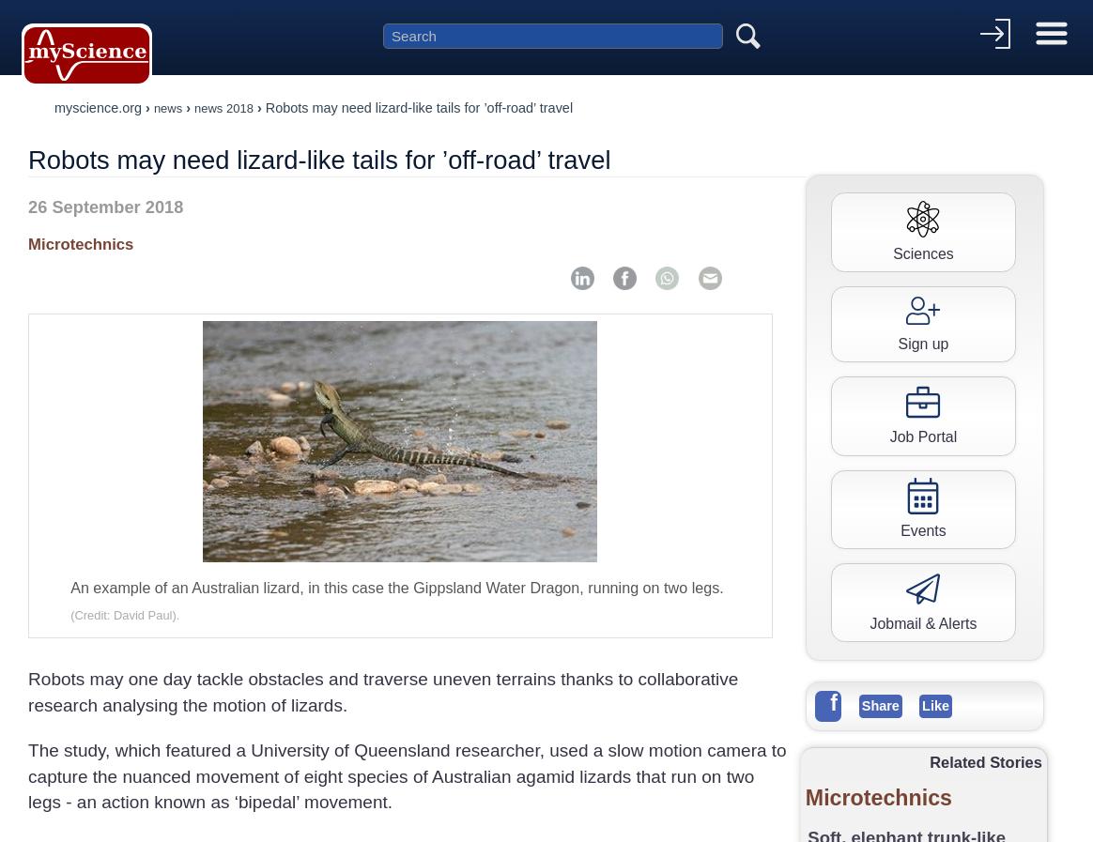  Describe the element at coordinates (935, 704) in the screenshot. I see `'Like'` at that location.